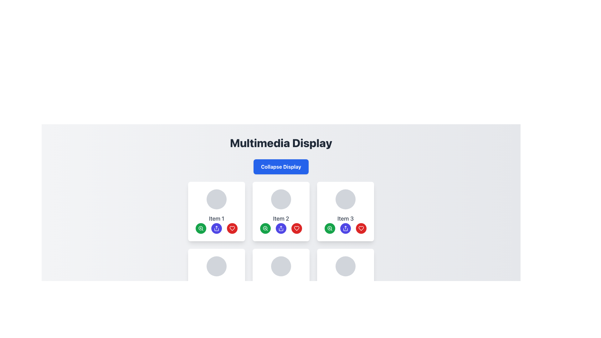  Describe the element at coordinates (330, 228) in the screenshot. I see `the zoom-in icon represented by a magnifying glass and '+' symbol inside a green circular button in the 'Item 3' section of the 'Multimedia Display' panel` at that location.